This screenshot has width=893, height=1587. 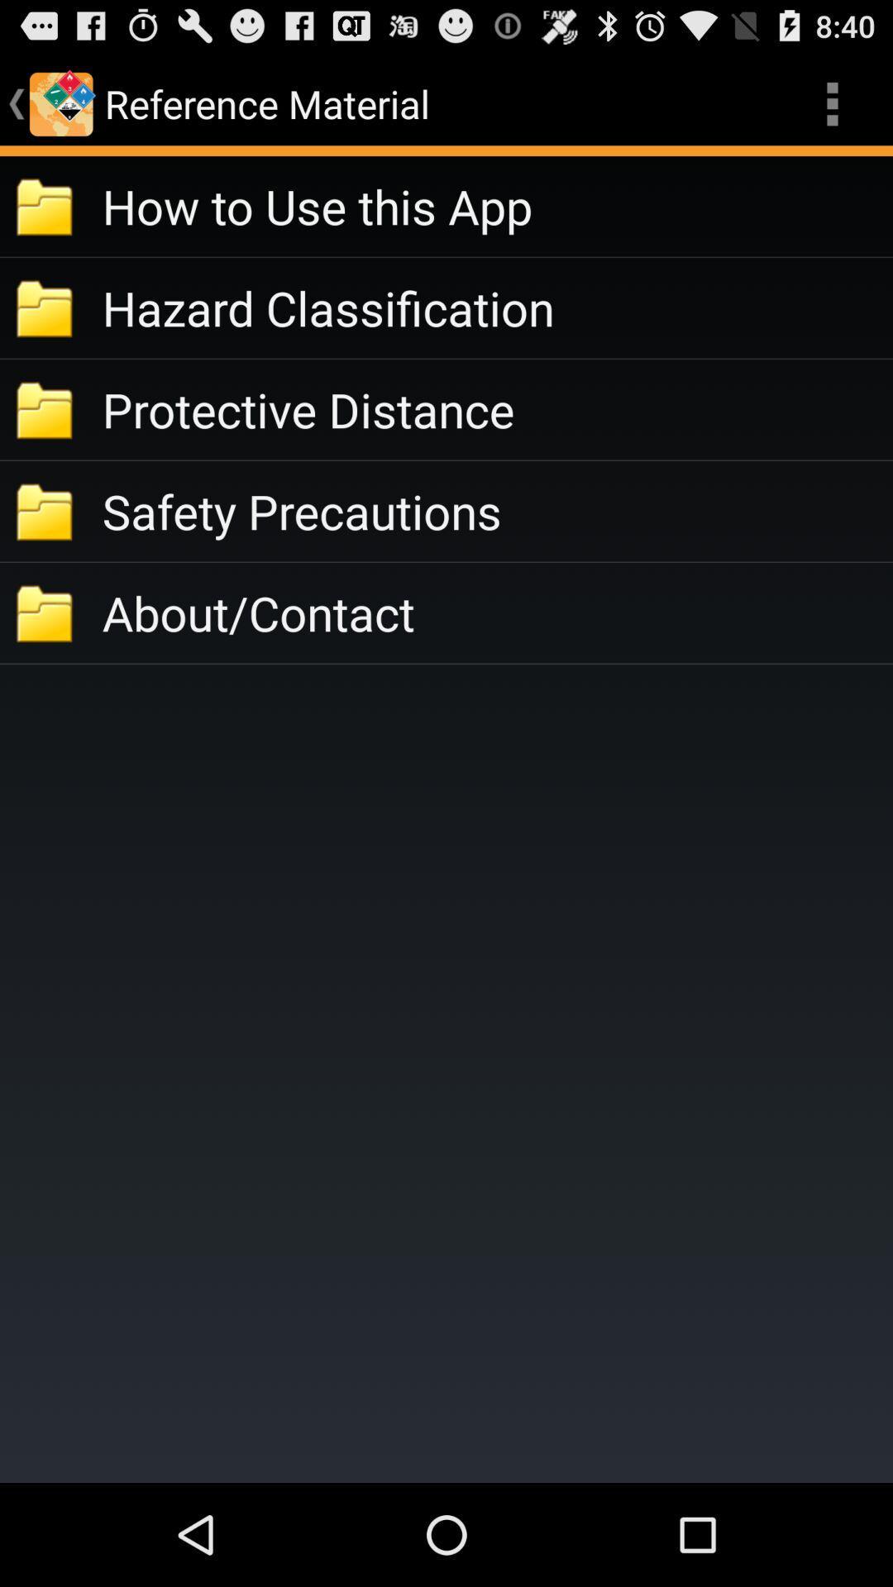 What do you see at coordinates (45, 308) in the screenshot?
I see `second folder icon from top` at bounding box center [45, 308].